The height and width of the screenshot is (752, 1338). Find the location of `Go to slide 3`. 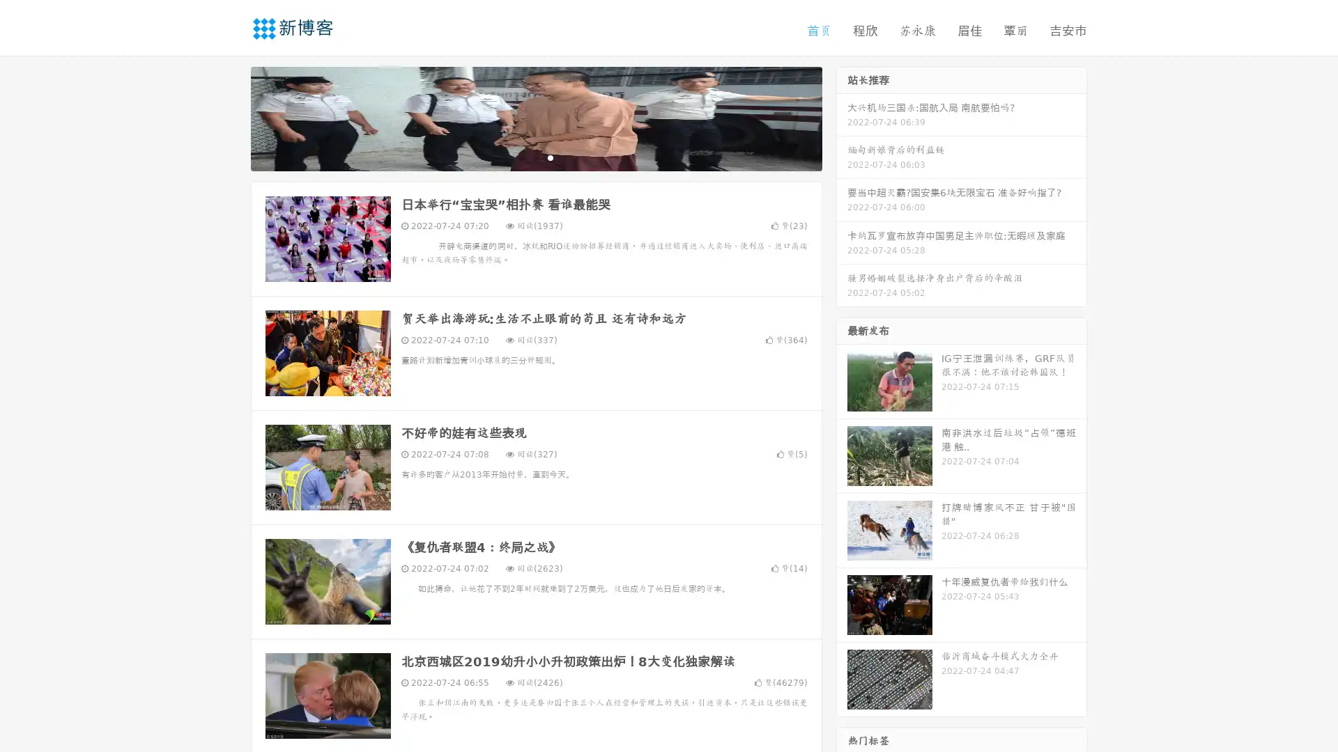

Go to slide 3 is located at coordinates (550, 157).